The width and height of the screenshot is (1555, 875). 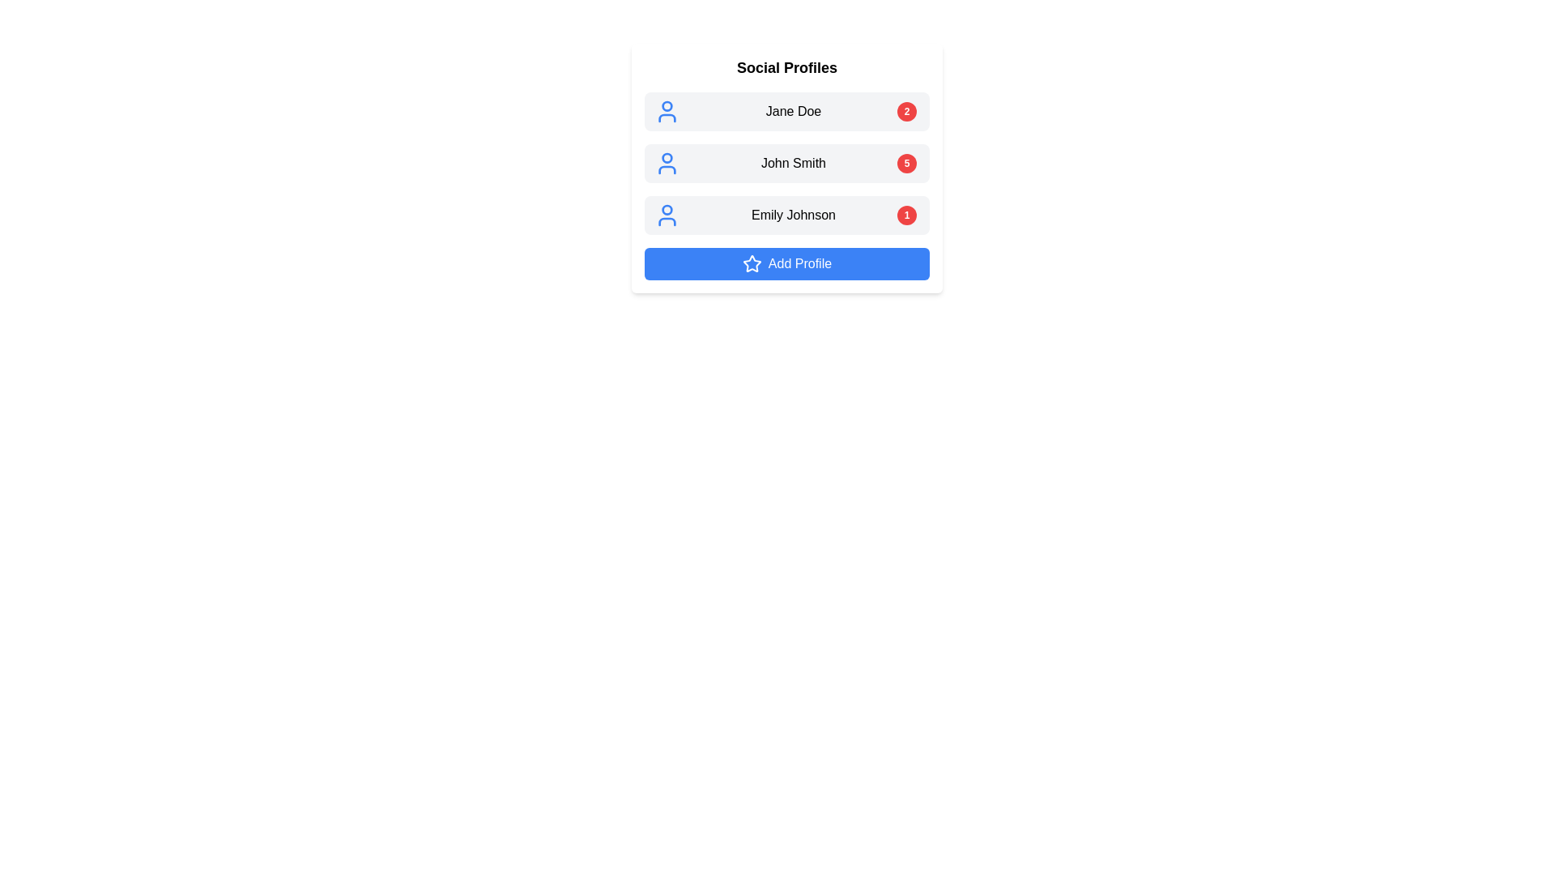 I want to click on the appearance of the star icon located on the left side of the 'Add Profile' button, enhancing its visual emphasis, so click(x=751, y=263).